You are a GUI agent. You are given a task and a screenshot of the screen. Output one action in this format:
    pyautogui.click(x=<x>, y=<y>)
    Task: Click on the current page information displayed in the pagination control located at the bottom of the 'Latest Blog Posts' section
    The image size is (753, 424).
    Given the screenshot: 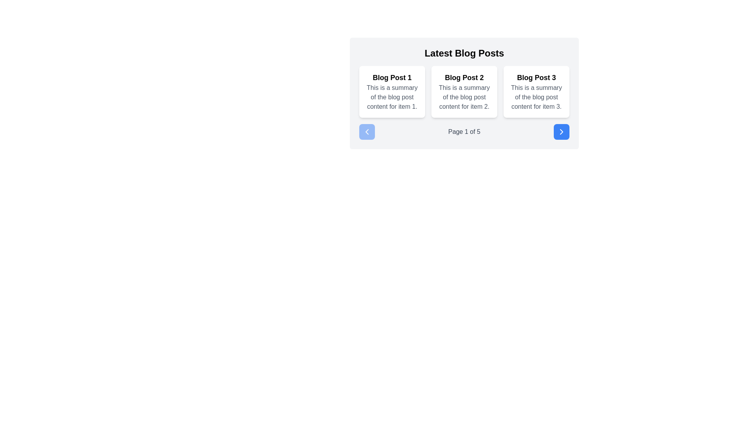 What is the action you would take?
    pyautogui.click(x=464, y=131)
    